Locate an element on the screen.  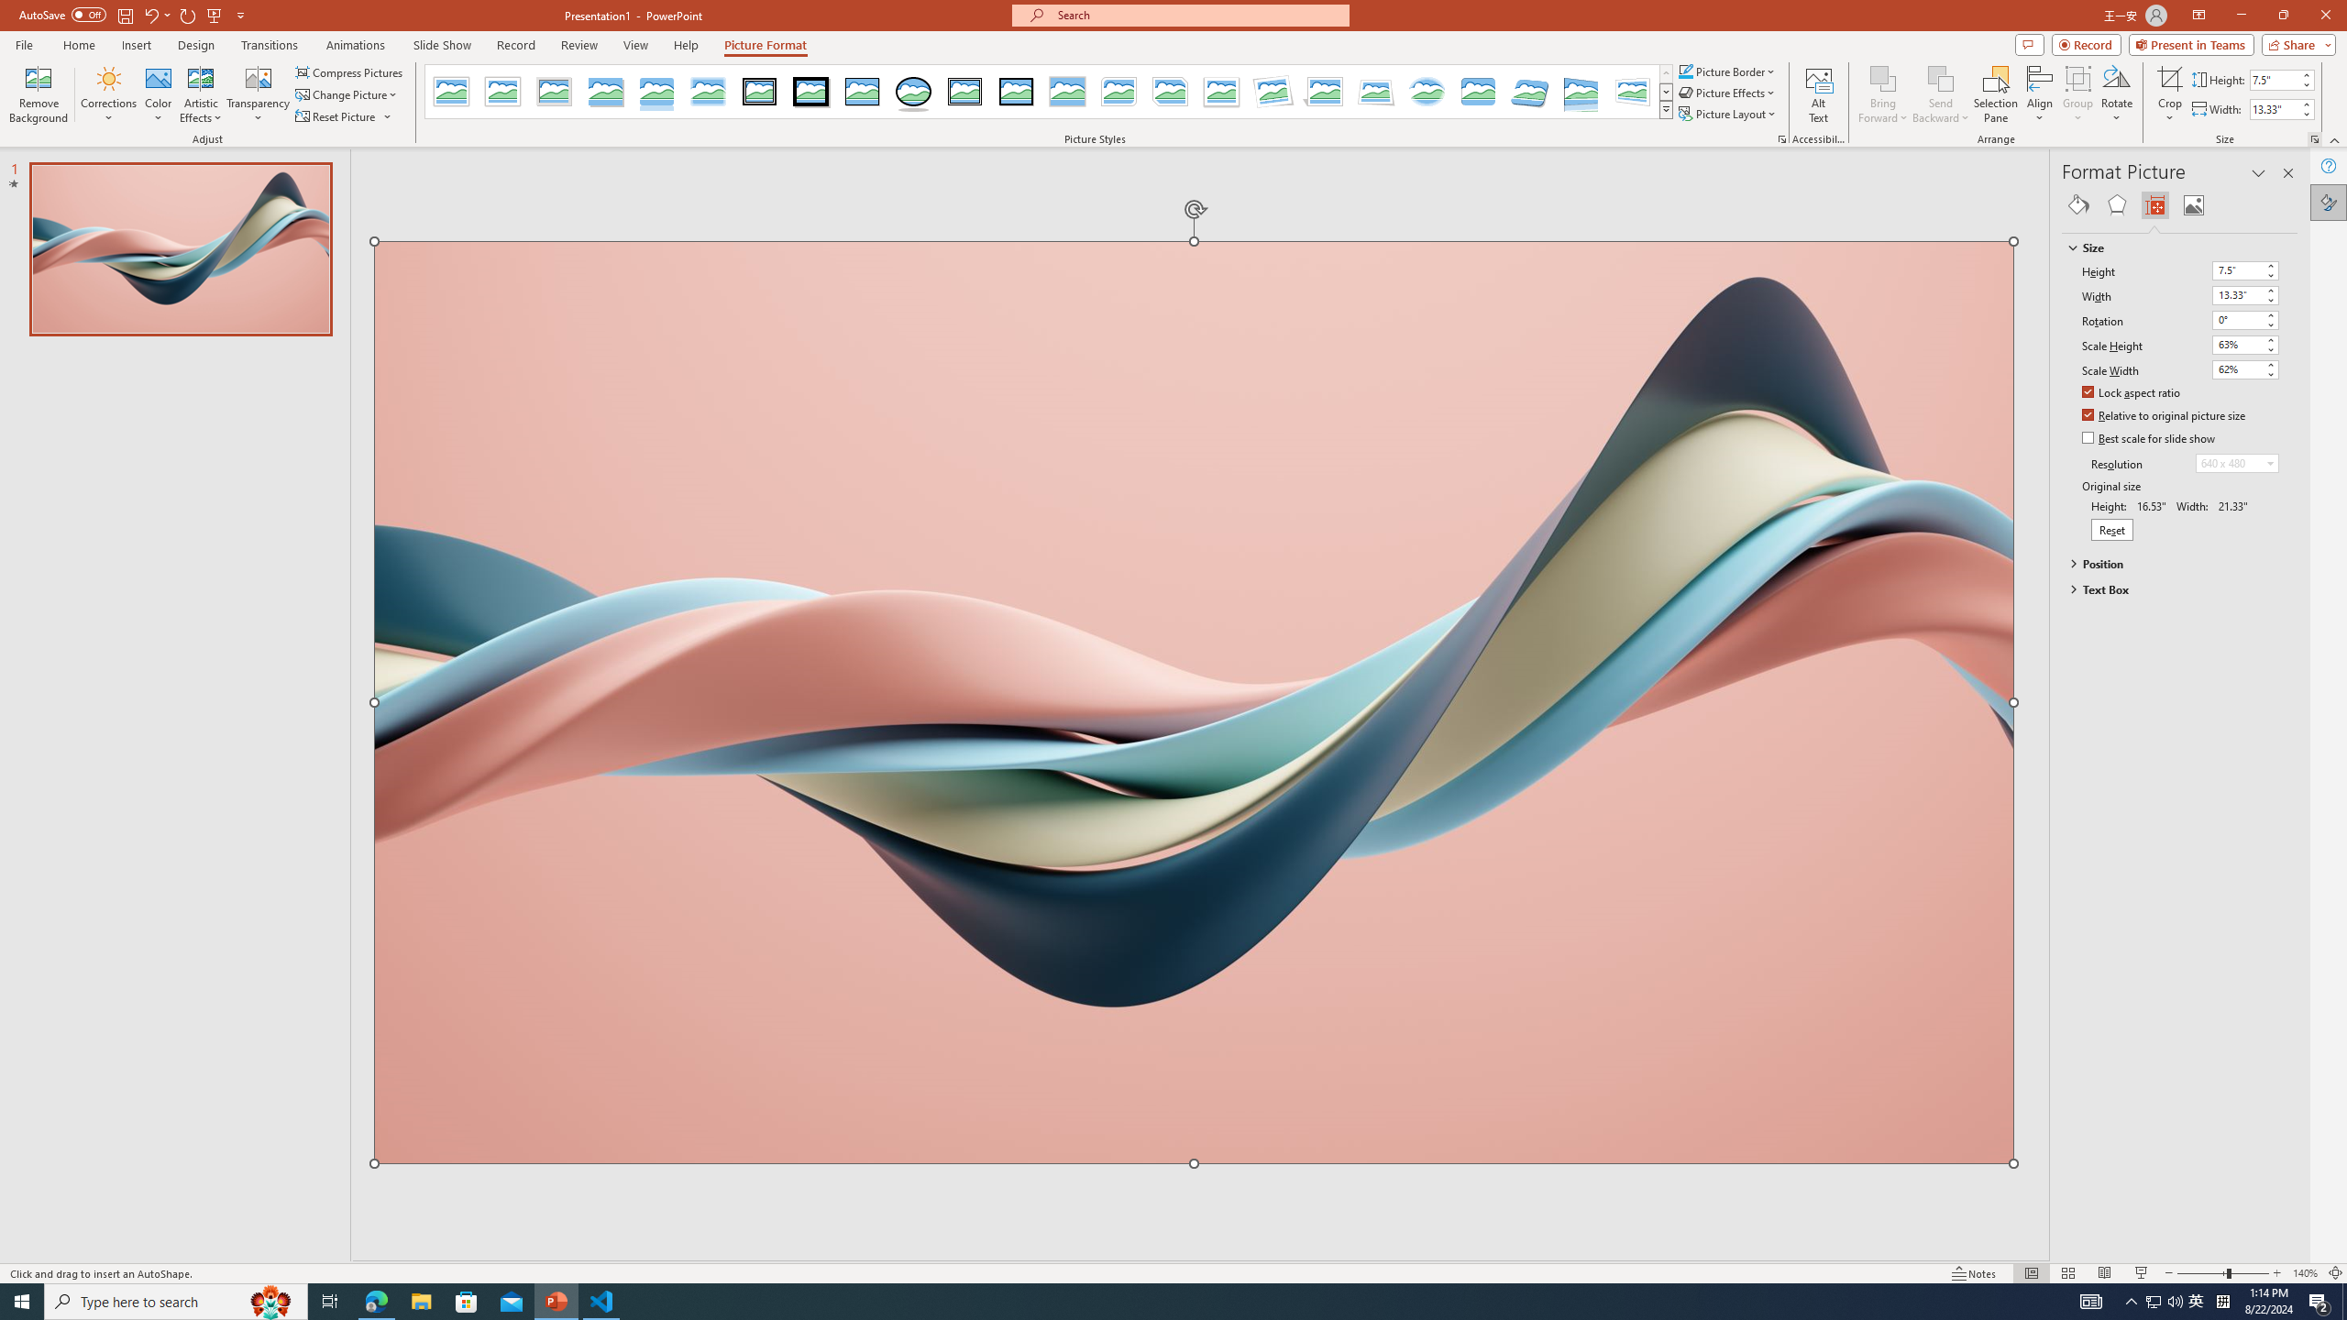
'Collapse the Ribbon' is located at coordinates (2335, 140).